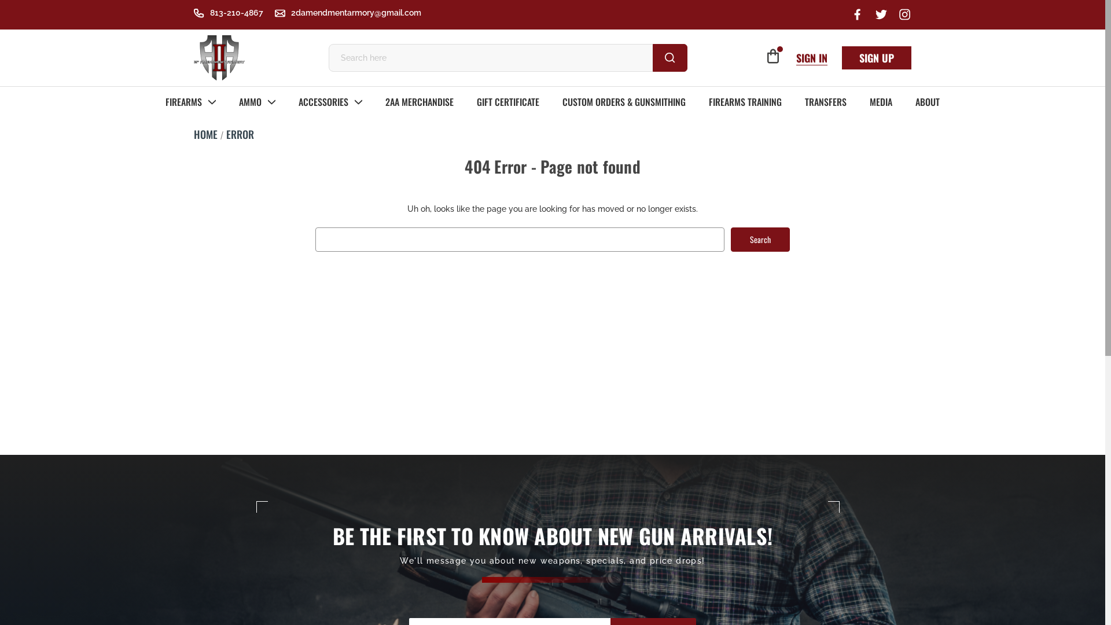 The image size is (1111, 625). Describe the element at coordinates (793, 101) in the screenshot. I see `'TRANSFERS'` at that location.